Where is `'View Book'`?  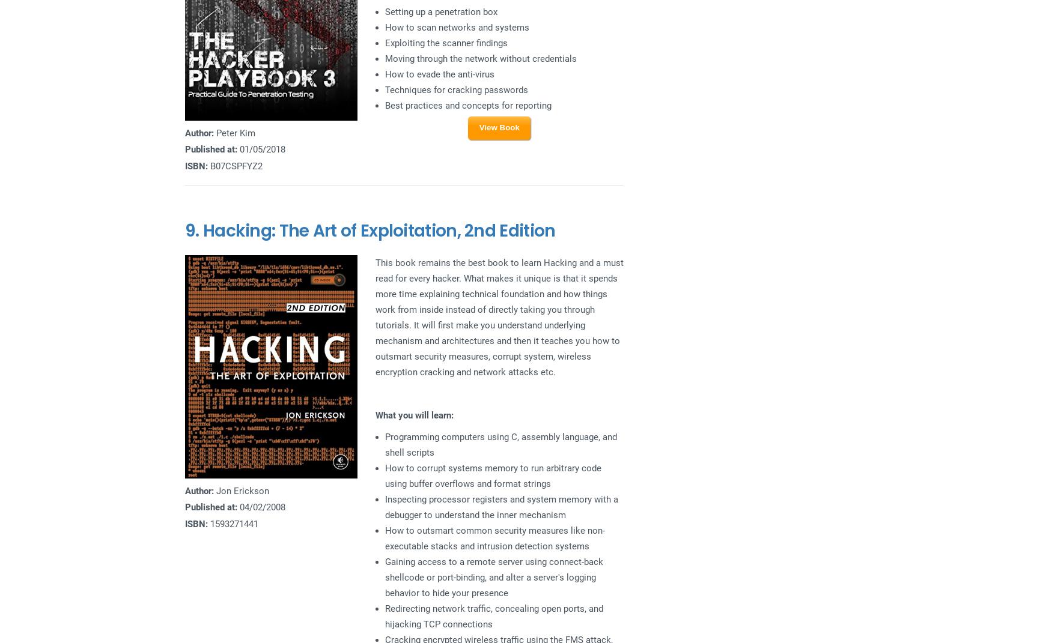 'View Book' is located at coordinates (478, 127).